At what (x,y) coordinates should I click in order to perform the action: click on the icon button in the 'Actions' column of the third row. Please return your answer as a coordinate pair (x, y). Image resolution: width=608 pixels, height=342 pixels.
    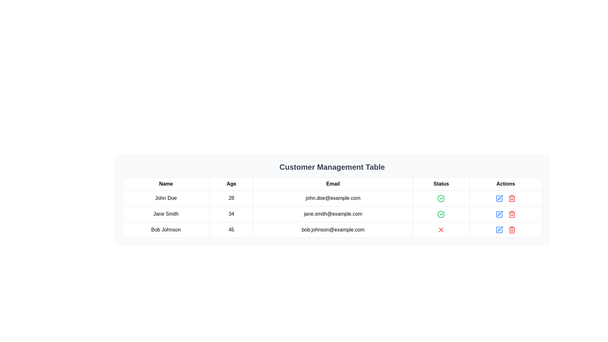
    Looking at the image, I should click on (499, 198).